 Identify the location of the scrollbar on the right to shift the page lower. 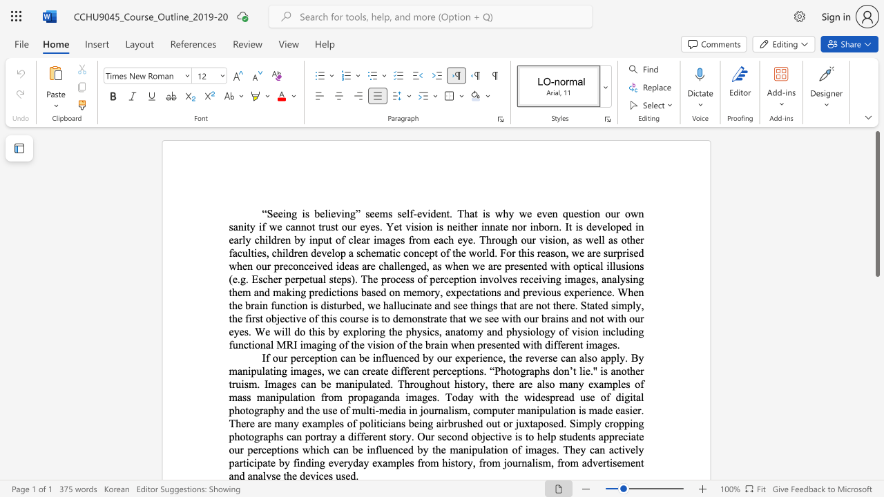
(876, 324).